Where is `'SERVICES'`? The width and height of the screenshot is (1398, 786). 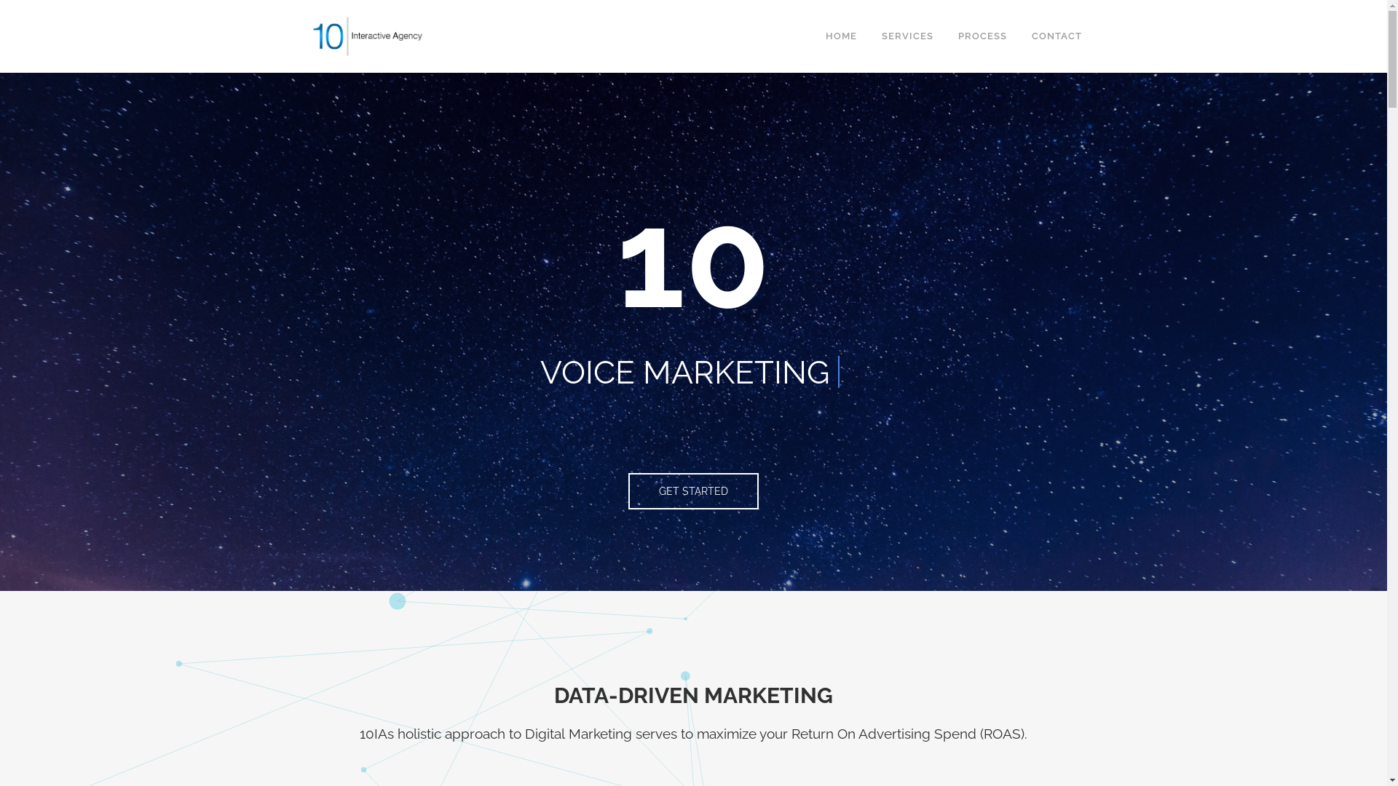 'SERVICES' is located at coordinates (907, 36).